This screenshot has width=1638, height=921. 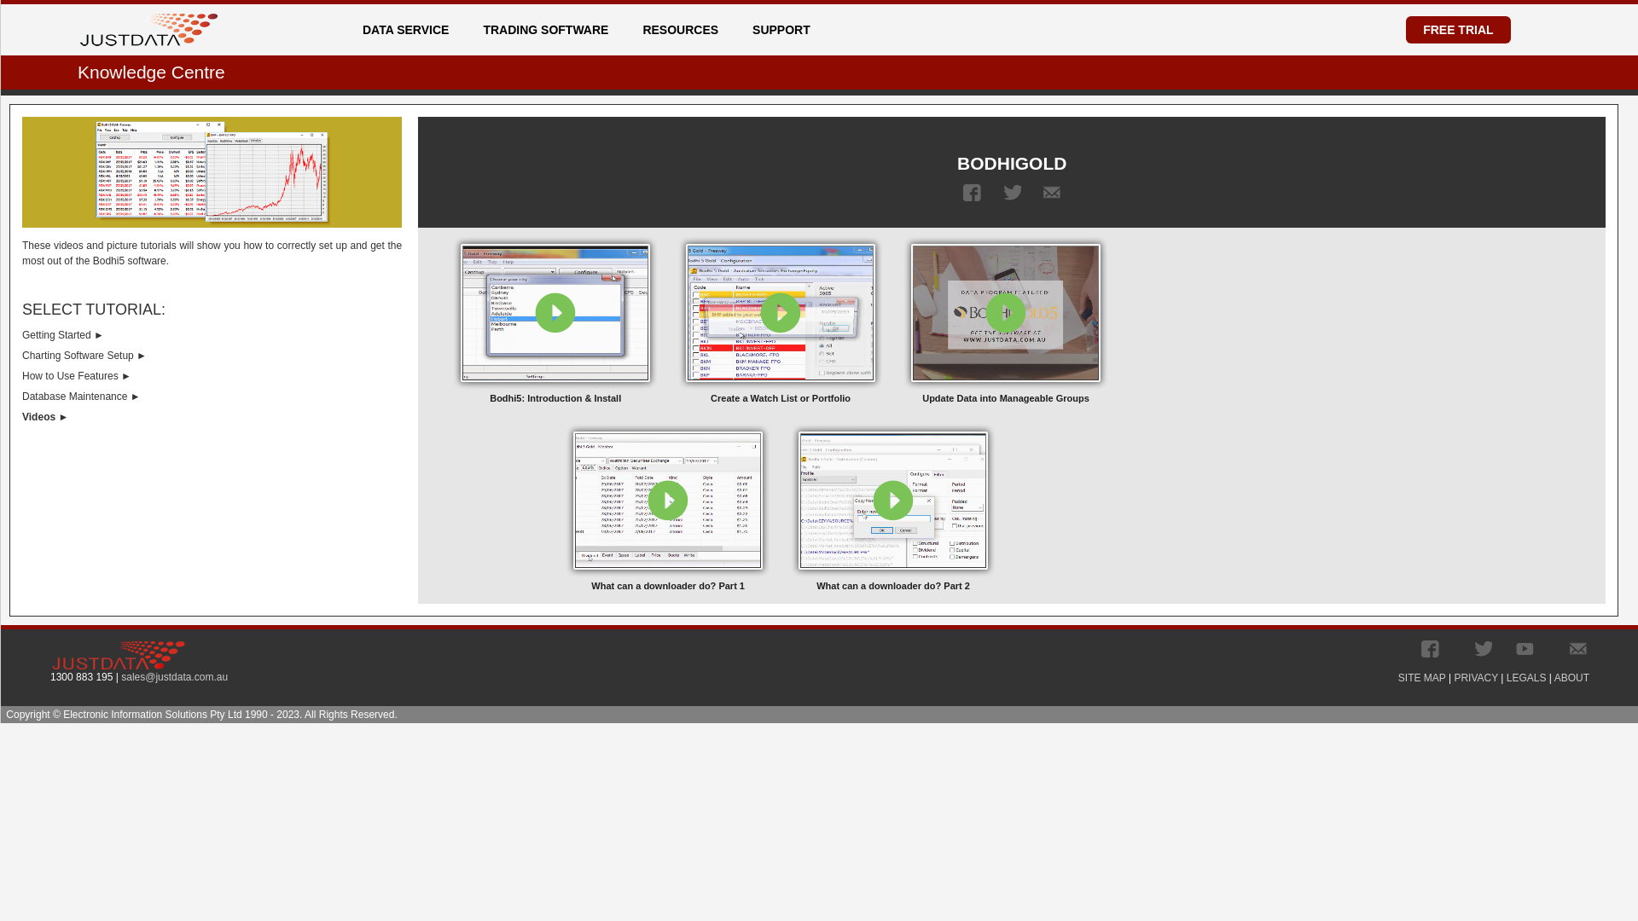 What do you see at coordinates (1571, 676) in the screenshot?
I see `'ABOUT'` at bounding box center [1571, 676].